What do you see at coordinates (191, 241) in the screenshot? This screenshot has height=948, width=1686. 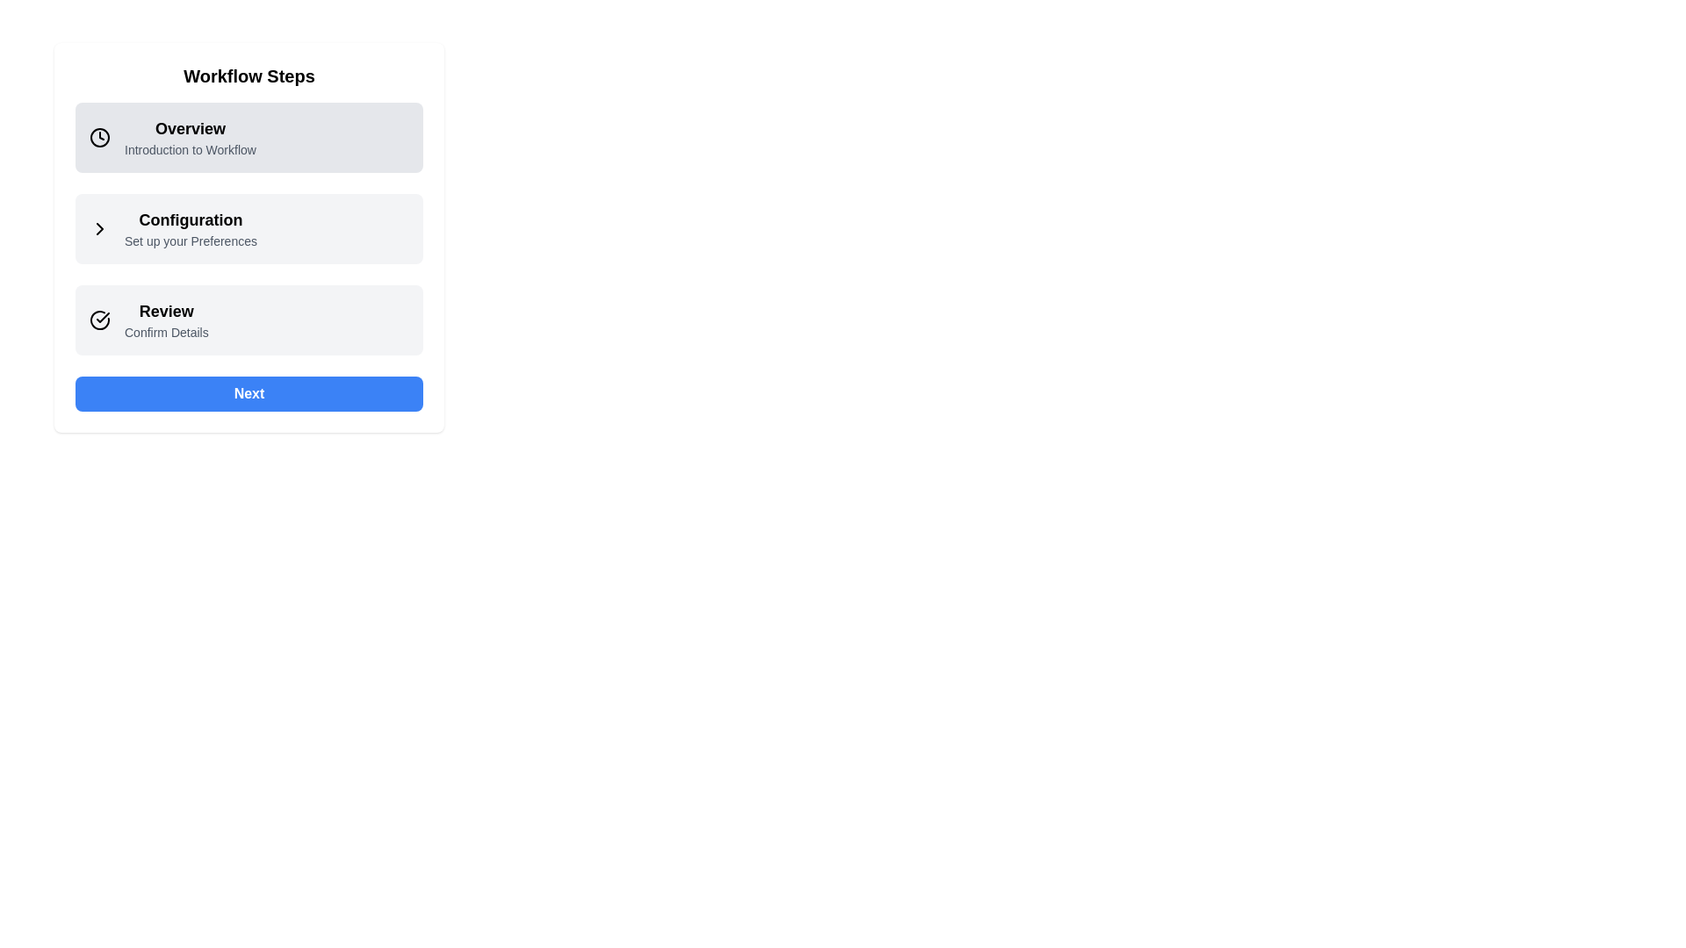 I see `the static text label that displays 'Set up your Preferences', which is positioned directly below the heading 'Configuration' in the 'Workflow Steps' section` at bounding box center [191, 241].